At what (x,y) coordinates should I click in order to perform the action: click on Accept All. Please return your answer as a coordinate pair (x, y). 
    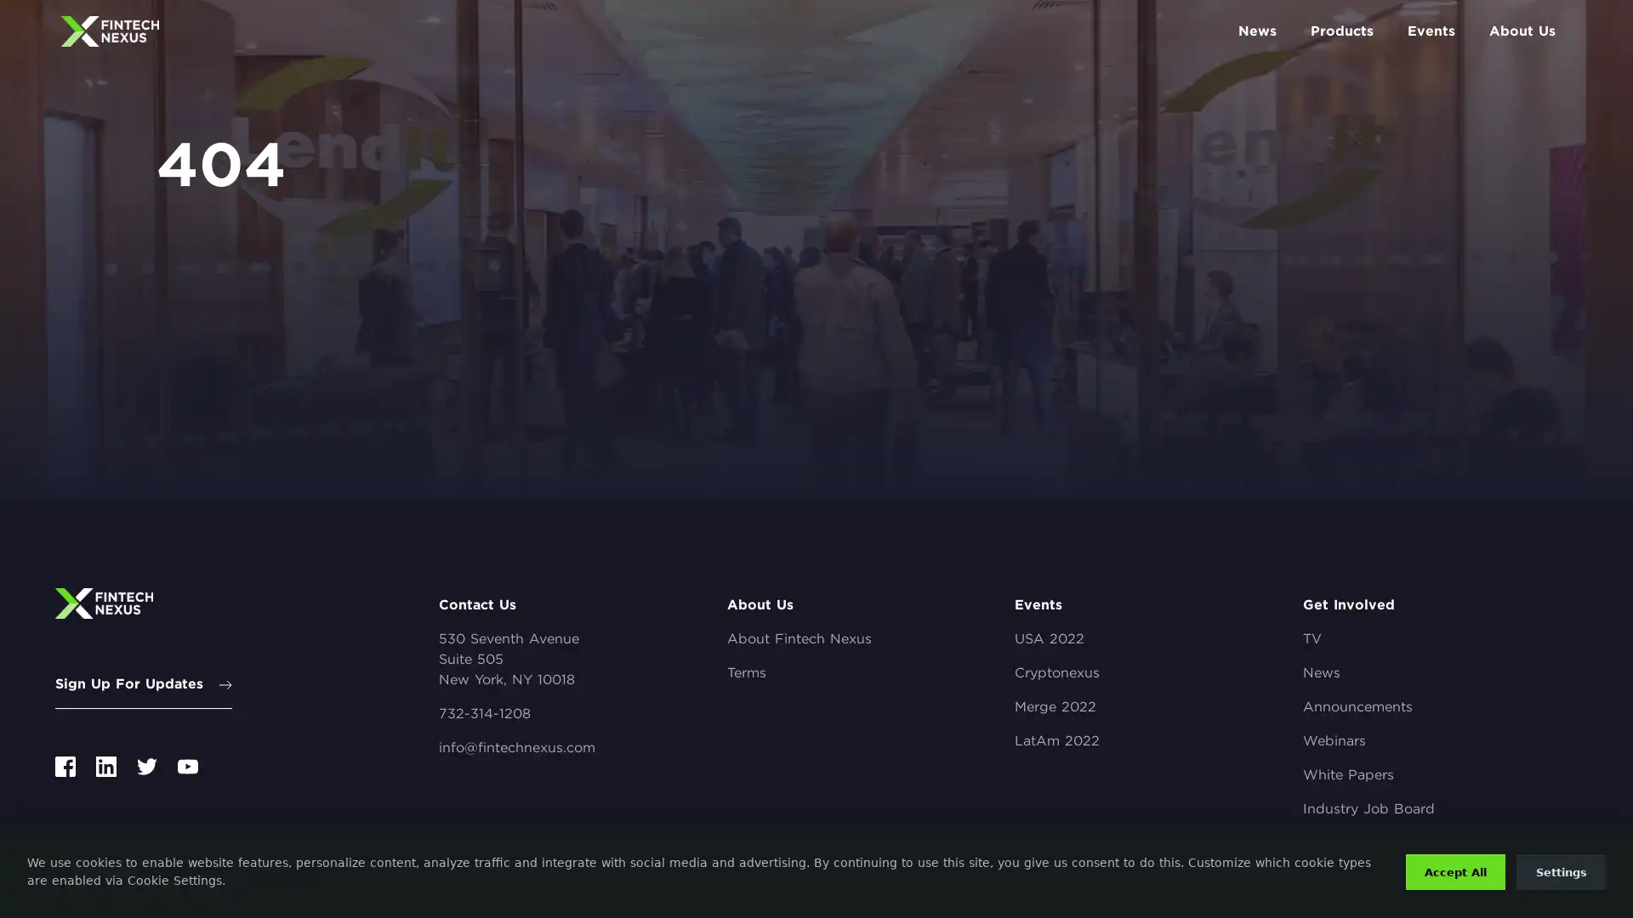
    Looking at the image, I should click on (1454, 872).